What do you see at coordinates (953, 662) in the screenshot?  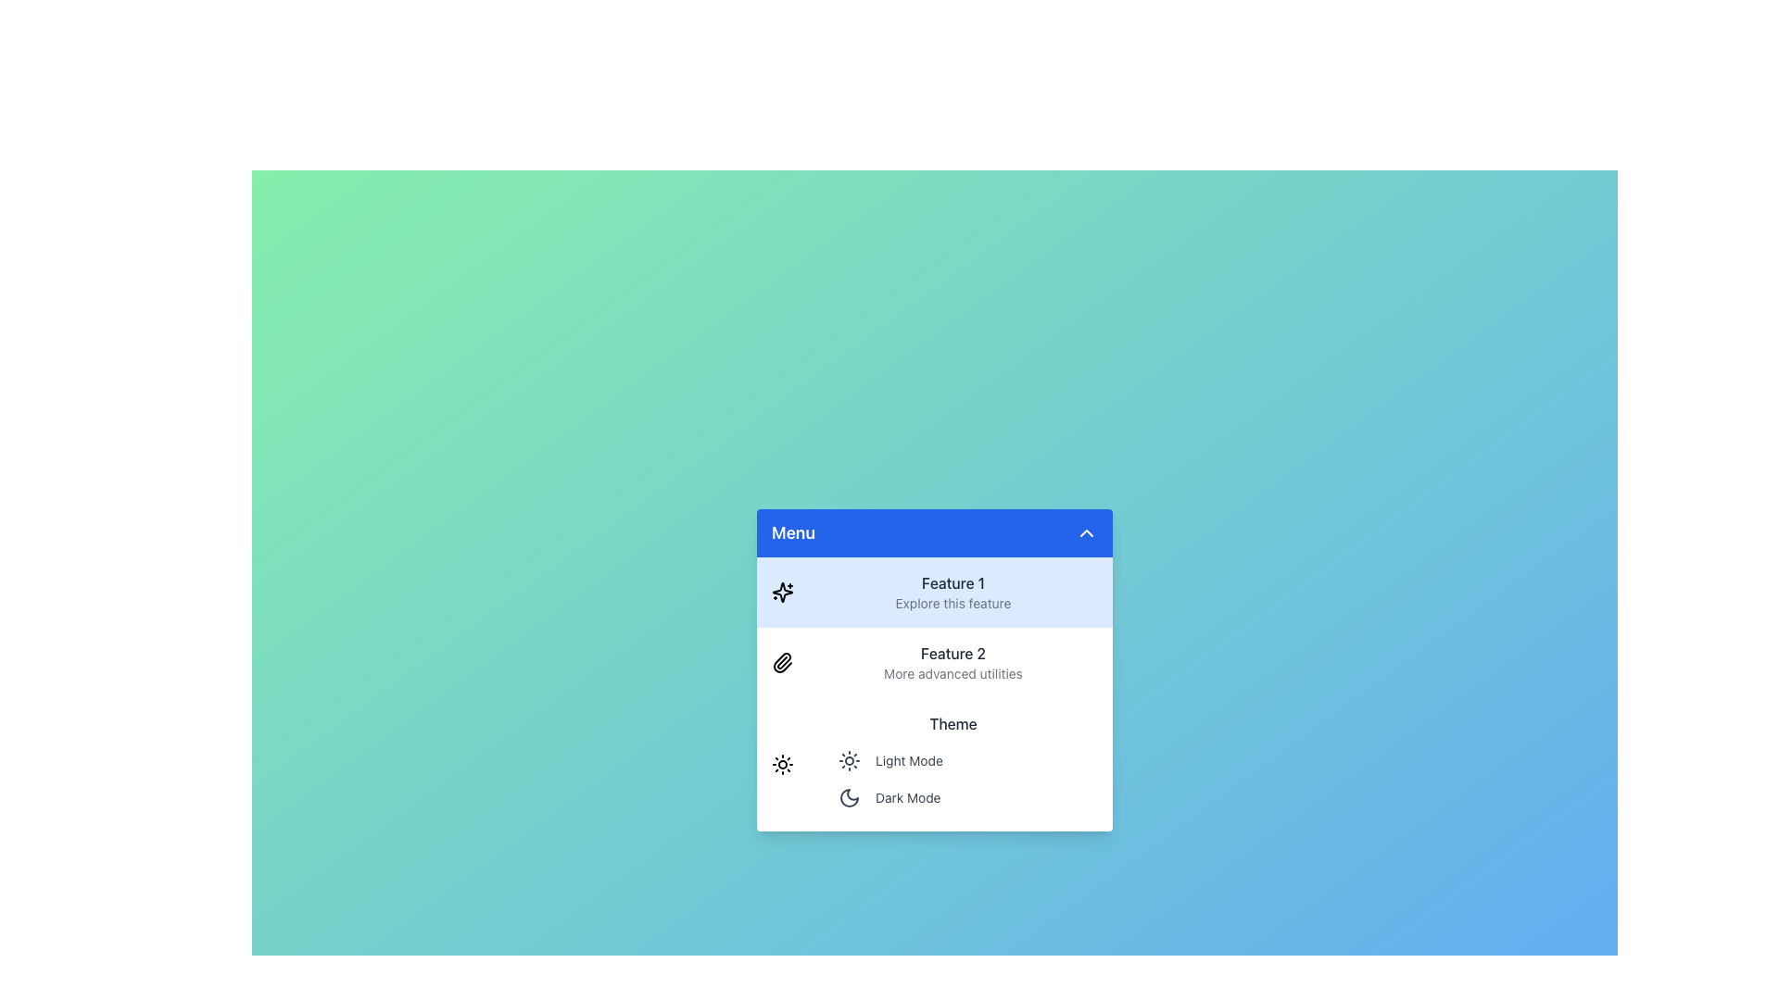 I see `the 'Feature 2' menu item, which displays centered text 'Feature 2' in bold and 'More advanced utilities' in smaller gray font` at bounding box center [953, 662].